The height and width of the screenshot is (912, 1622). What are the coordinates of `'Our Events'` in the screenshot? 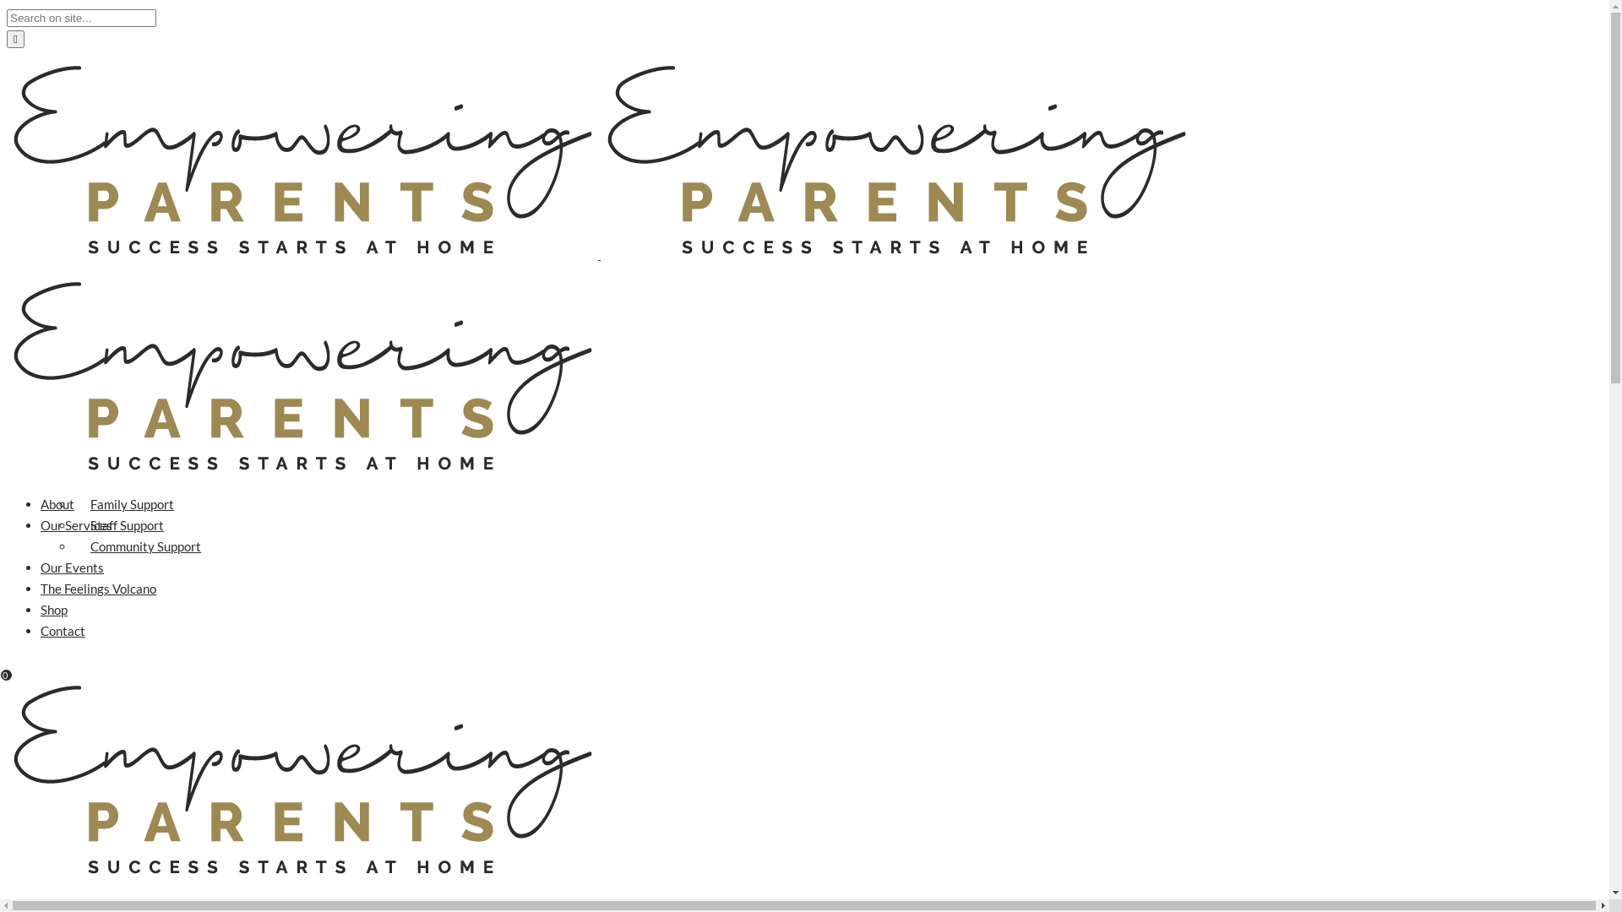 It's located at (41, 567).